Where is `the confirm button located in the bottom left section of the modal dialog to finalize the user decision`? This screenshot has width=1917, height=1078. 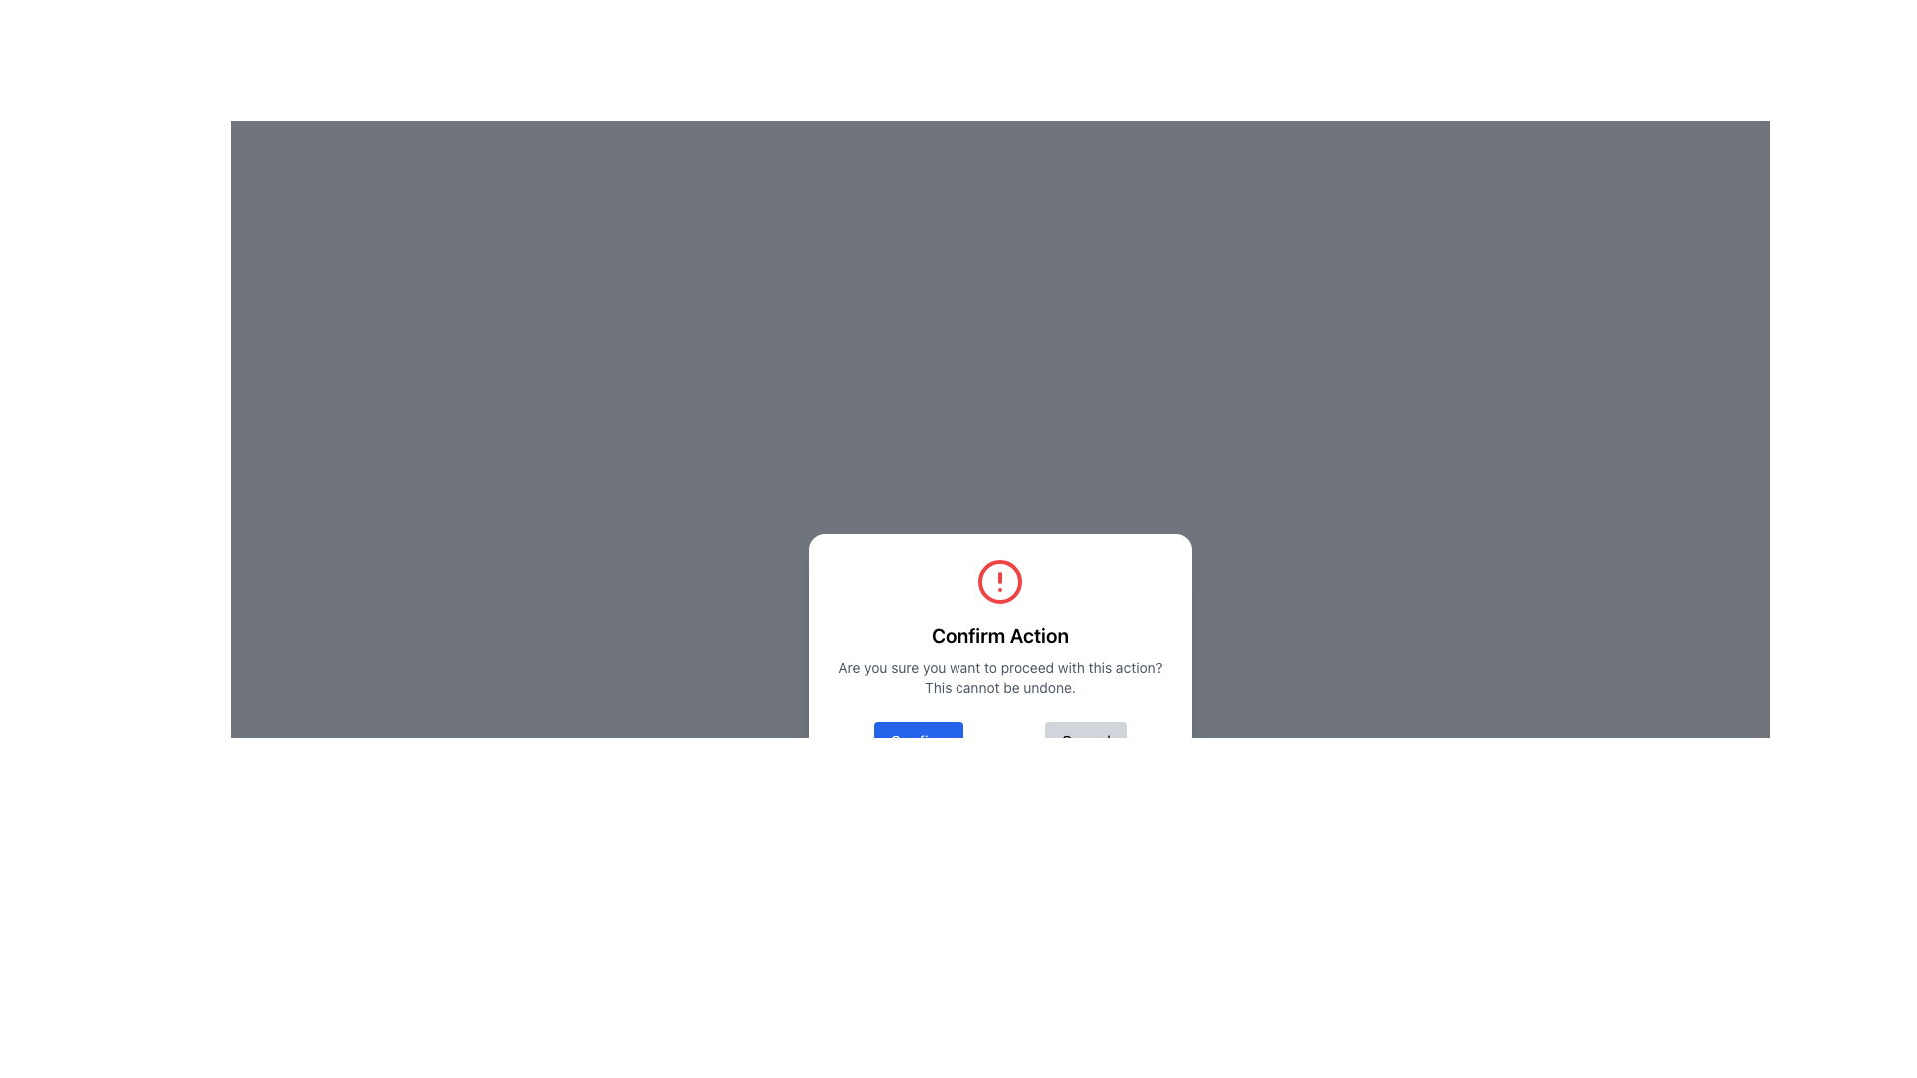
the confirm button located in the bottom left section of the modal dialog to finalize the user decision is located at coordinates (918, 742).